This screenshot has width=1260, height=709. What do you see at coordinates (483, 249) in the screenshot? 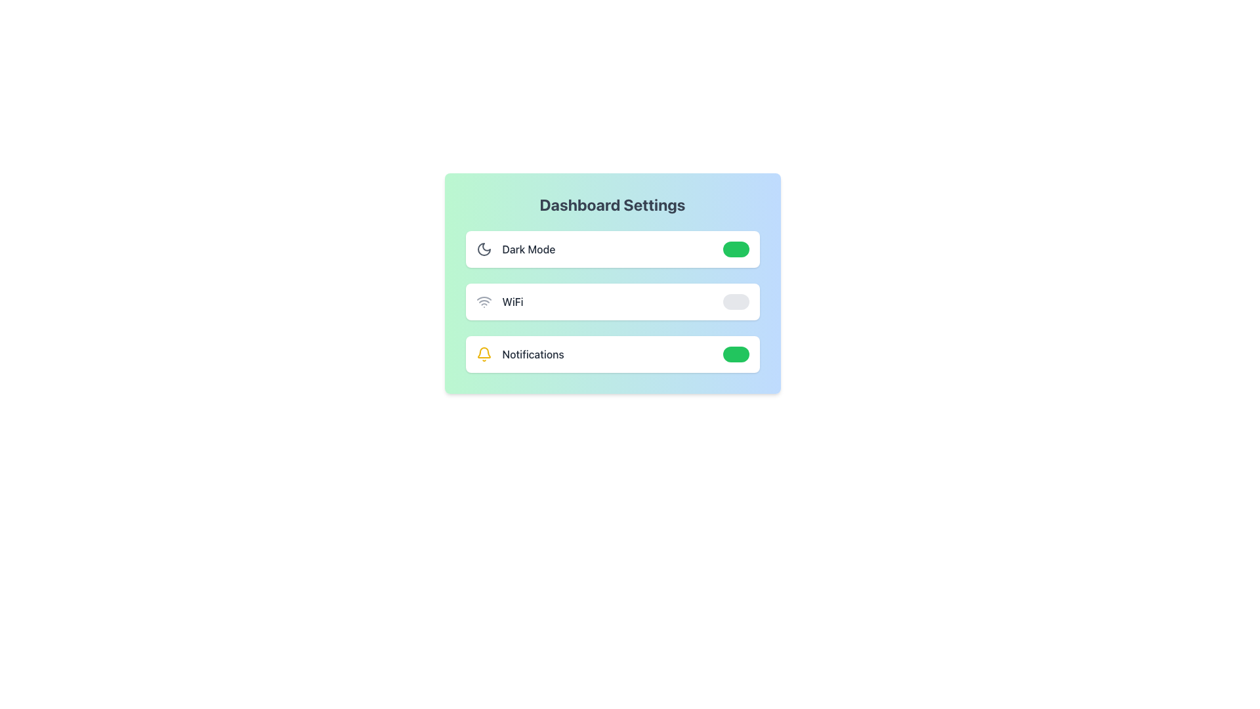
I see `the crescent moon icon representing 'Dark Mode' in the settings list, which is displayed in a minimalist style with a gray stroke, located in the top row adjacent to the toggle switch` at bounding box center [483, 249].